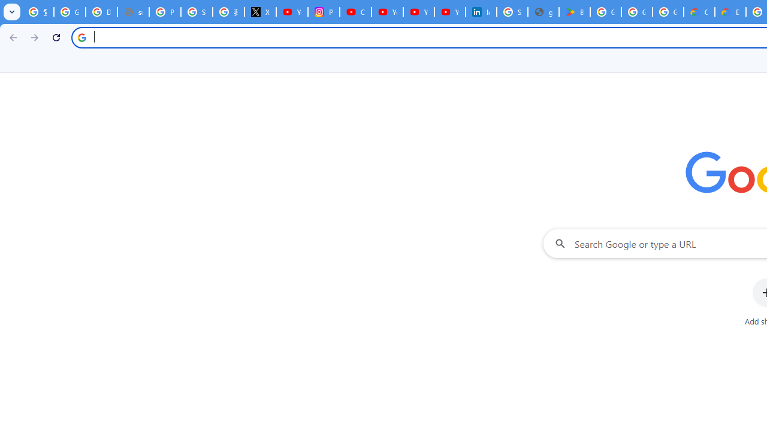 The height and width of the screenshot is (431, 767). I want to click on 'YouTube Content Monetization Policies - How YouTube Works', so click(292, 12).